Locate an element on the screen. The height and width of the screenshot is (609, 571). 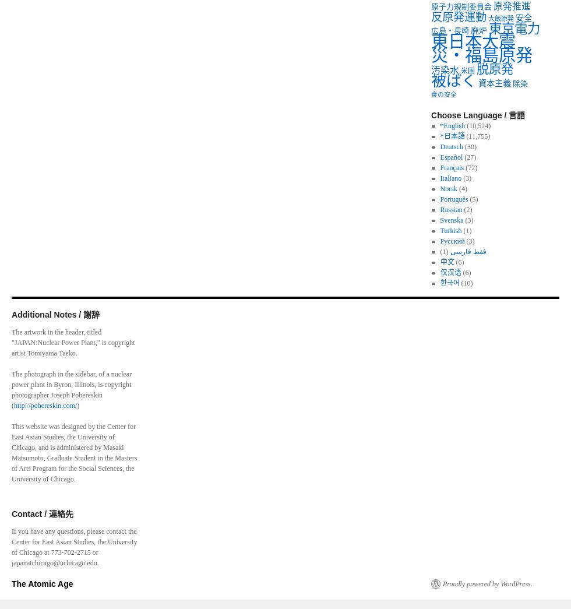
'This website was designed by the Center for East Asian Studies, the University of Chicago, and is administered by Masaki Matsumoto, Graduate Student in the Masters of Arts Program for the Social Sciences, the University of Chicago.' is located at coordinates (74, 452).